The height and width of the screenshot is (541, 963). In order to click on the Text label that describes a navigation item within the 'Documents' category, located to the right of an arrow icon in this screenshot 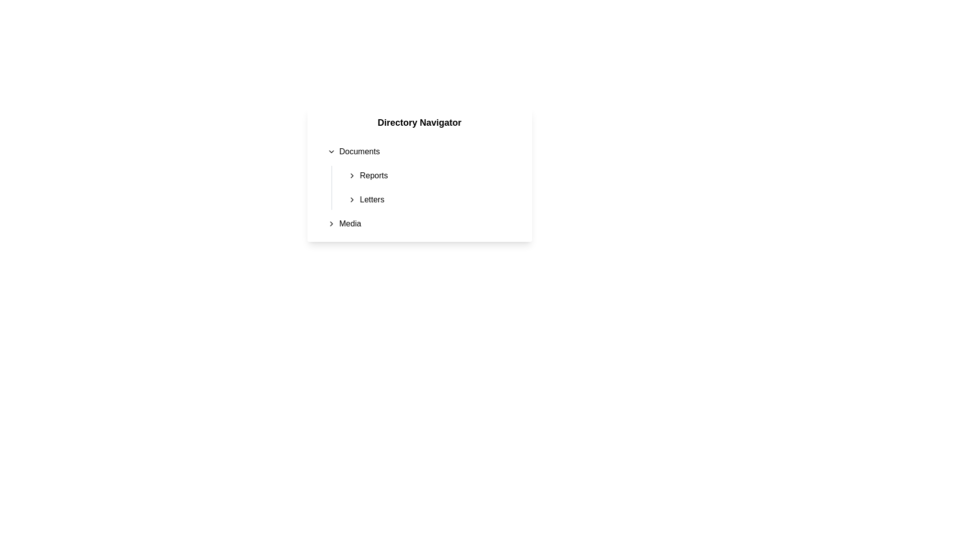, I will do `click(371, 199)`.